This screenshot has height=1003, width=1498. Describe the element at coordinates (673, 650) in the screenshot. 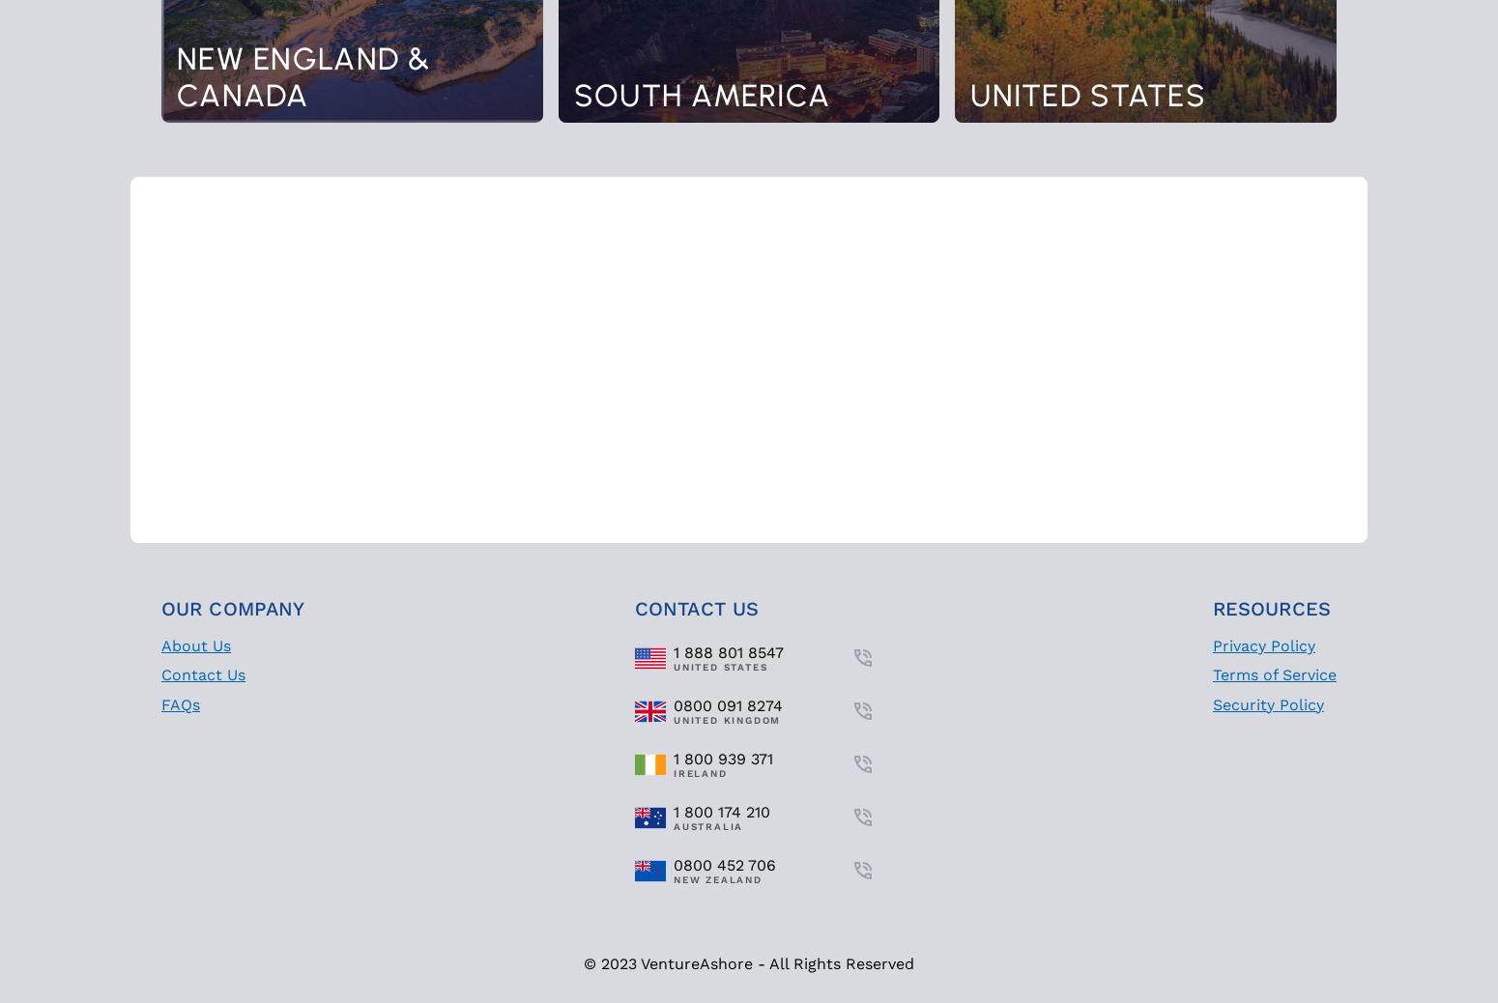

I see `'1 888 801 8547'` at that location.